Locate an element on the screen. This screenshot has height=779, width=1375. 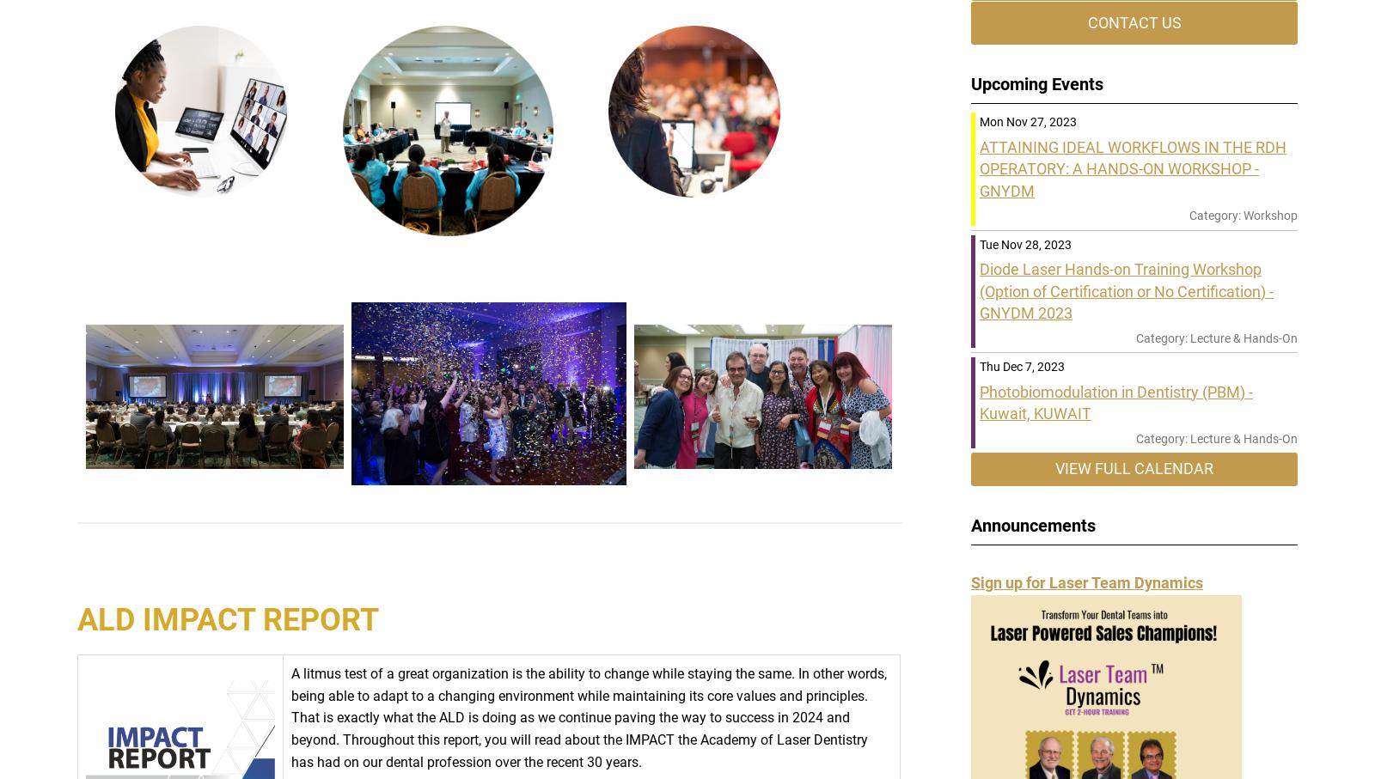
'Upcoming Events' is located at coordinates (1036, 82).